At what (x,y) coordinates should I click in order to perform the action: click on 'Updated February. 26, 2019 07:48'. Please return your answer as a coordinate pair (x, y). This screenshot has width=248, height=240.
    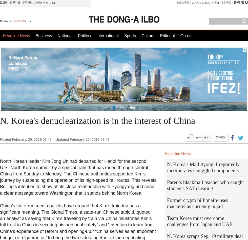
    Looking at the image, I should click on (82, 139).